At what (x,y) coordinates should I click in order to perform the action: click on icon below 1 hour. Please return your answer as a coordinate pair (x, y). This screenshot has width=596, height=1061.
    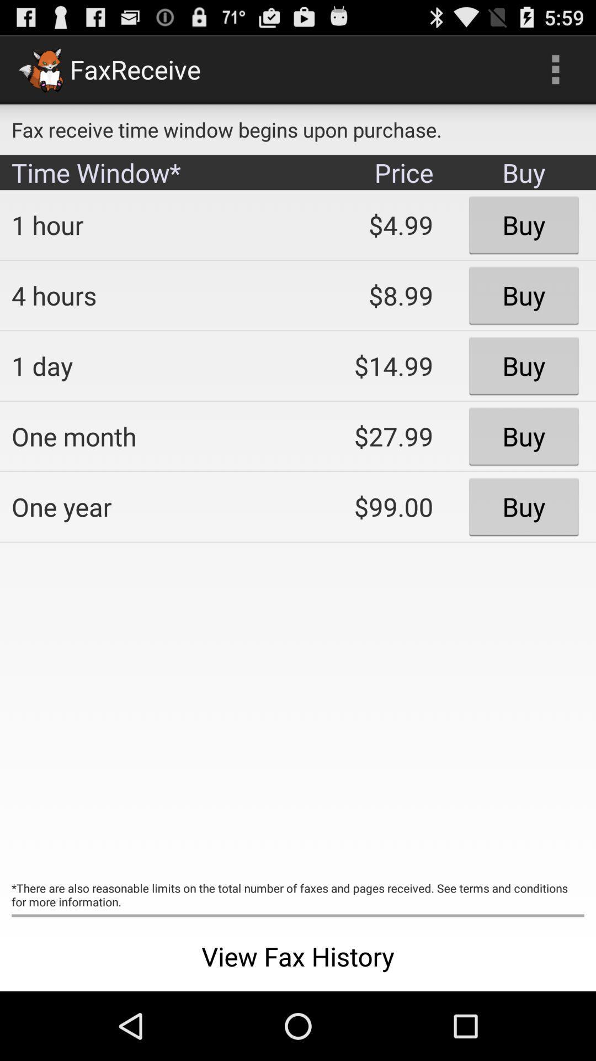
    Looking at the image, I should click on (146, 295).